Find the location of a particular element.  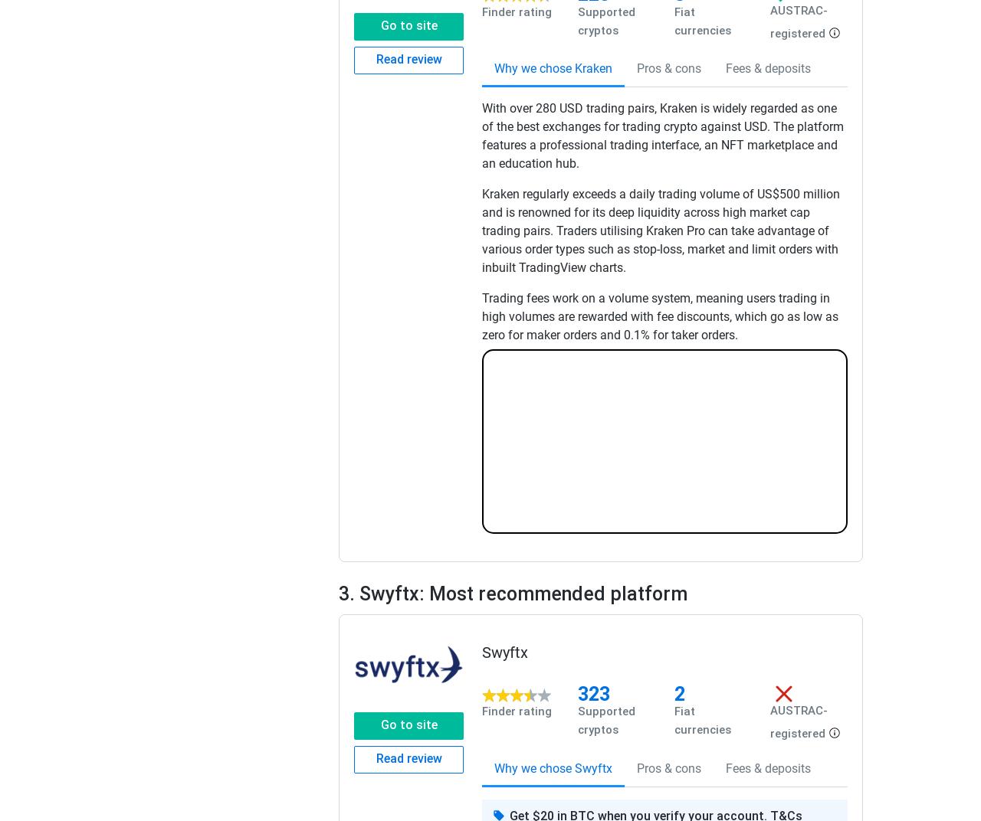

'Swyftx' is located at coordinates (504, 650).